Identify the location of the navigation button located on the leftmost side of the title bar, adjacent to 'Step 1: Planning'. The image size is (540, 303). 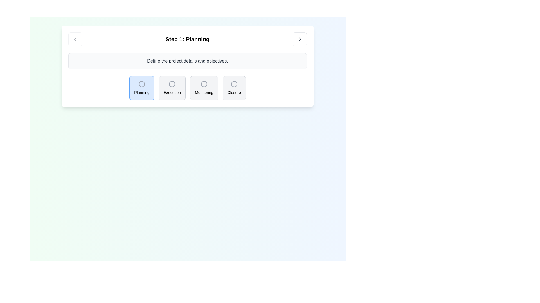
(75, 39).